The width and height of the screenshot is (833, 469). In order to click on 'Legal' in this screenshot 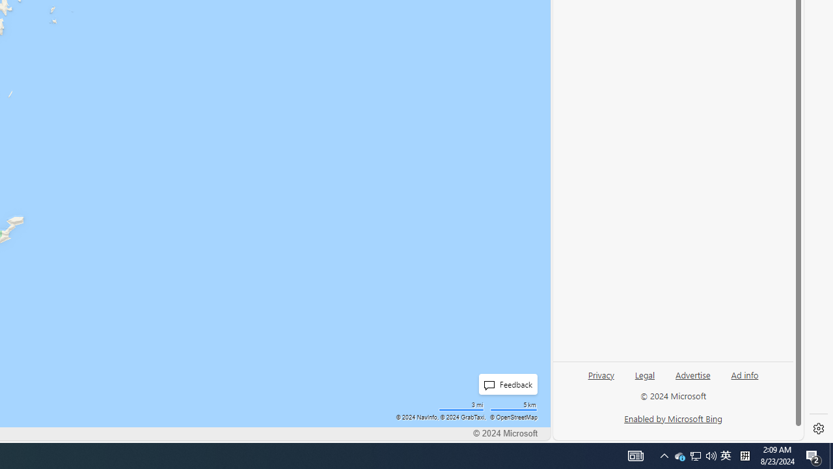, I will do `click(644, 380)`.